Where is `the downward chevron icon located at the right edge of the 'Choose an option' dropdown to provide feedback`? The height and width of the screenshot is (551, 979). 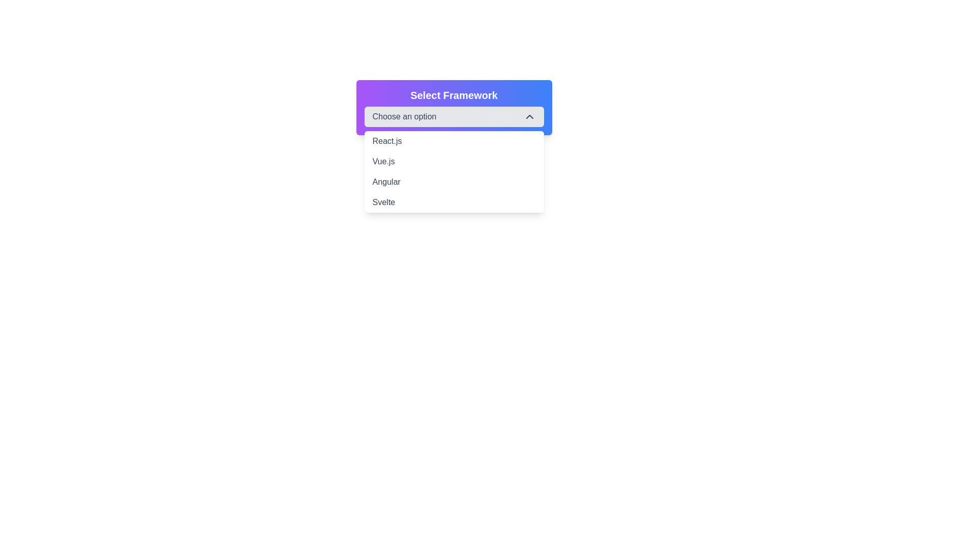
the downward chevron icon located at the right edge of the 'Choose an option' dropdown to provide feedback is located at coordinates (529, 116).